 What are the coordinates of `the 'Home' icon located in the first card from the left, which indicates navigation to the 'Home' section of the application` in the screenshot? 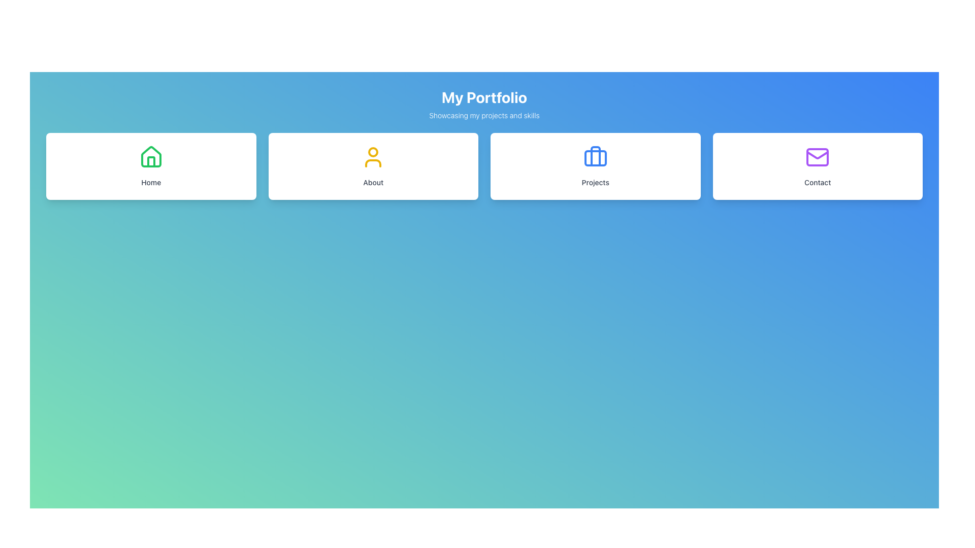 It's located at (150, 157).